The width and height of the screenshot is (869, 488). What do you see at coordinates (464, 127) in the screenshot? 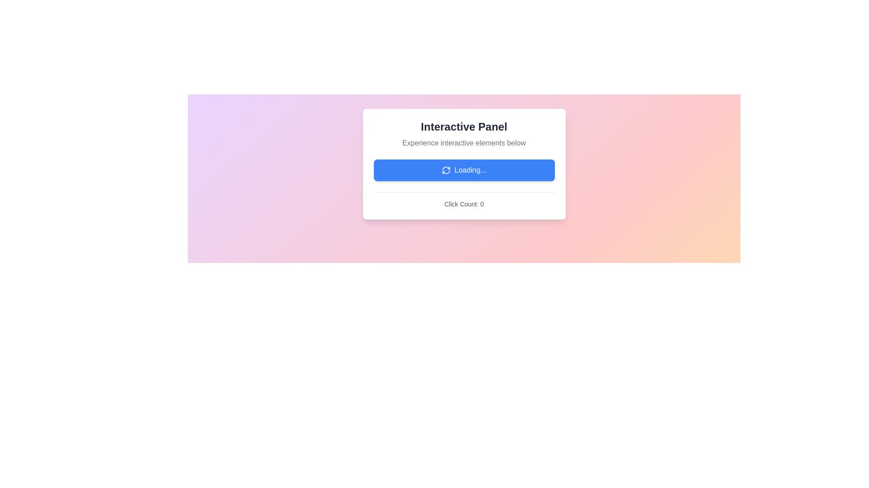
I see `text from the header element that displays 'Interactive Panel', styled in bold and enlarged font, located at the top of the central panel` at bounding box center [464, 127].